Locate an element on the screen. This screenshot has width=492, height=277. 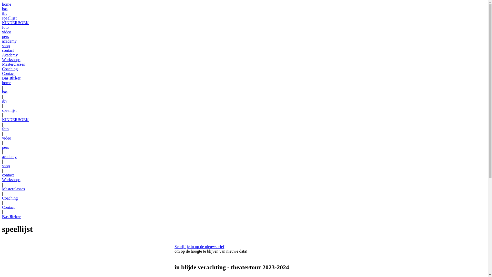
'Contact' is located at coordinates (8, 73).